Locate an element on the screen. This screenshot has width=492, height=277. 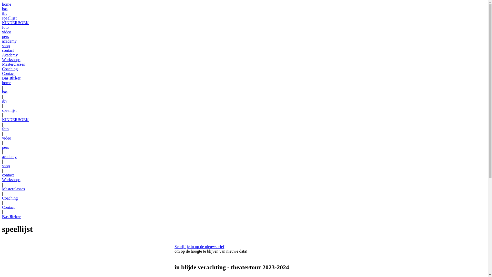
'Contact' is located at coordinates (8, 73).